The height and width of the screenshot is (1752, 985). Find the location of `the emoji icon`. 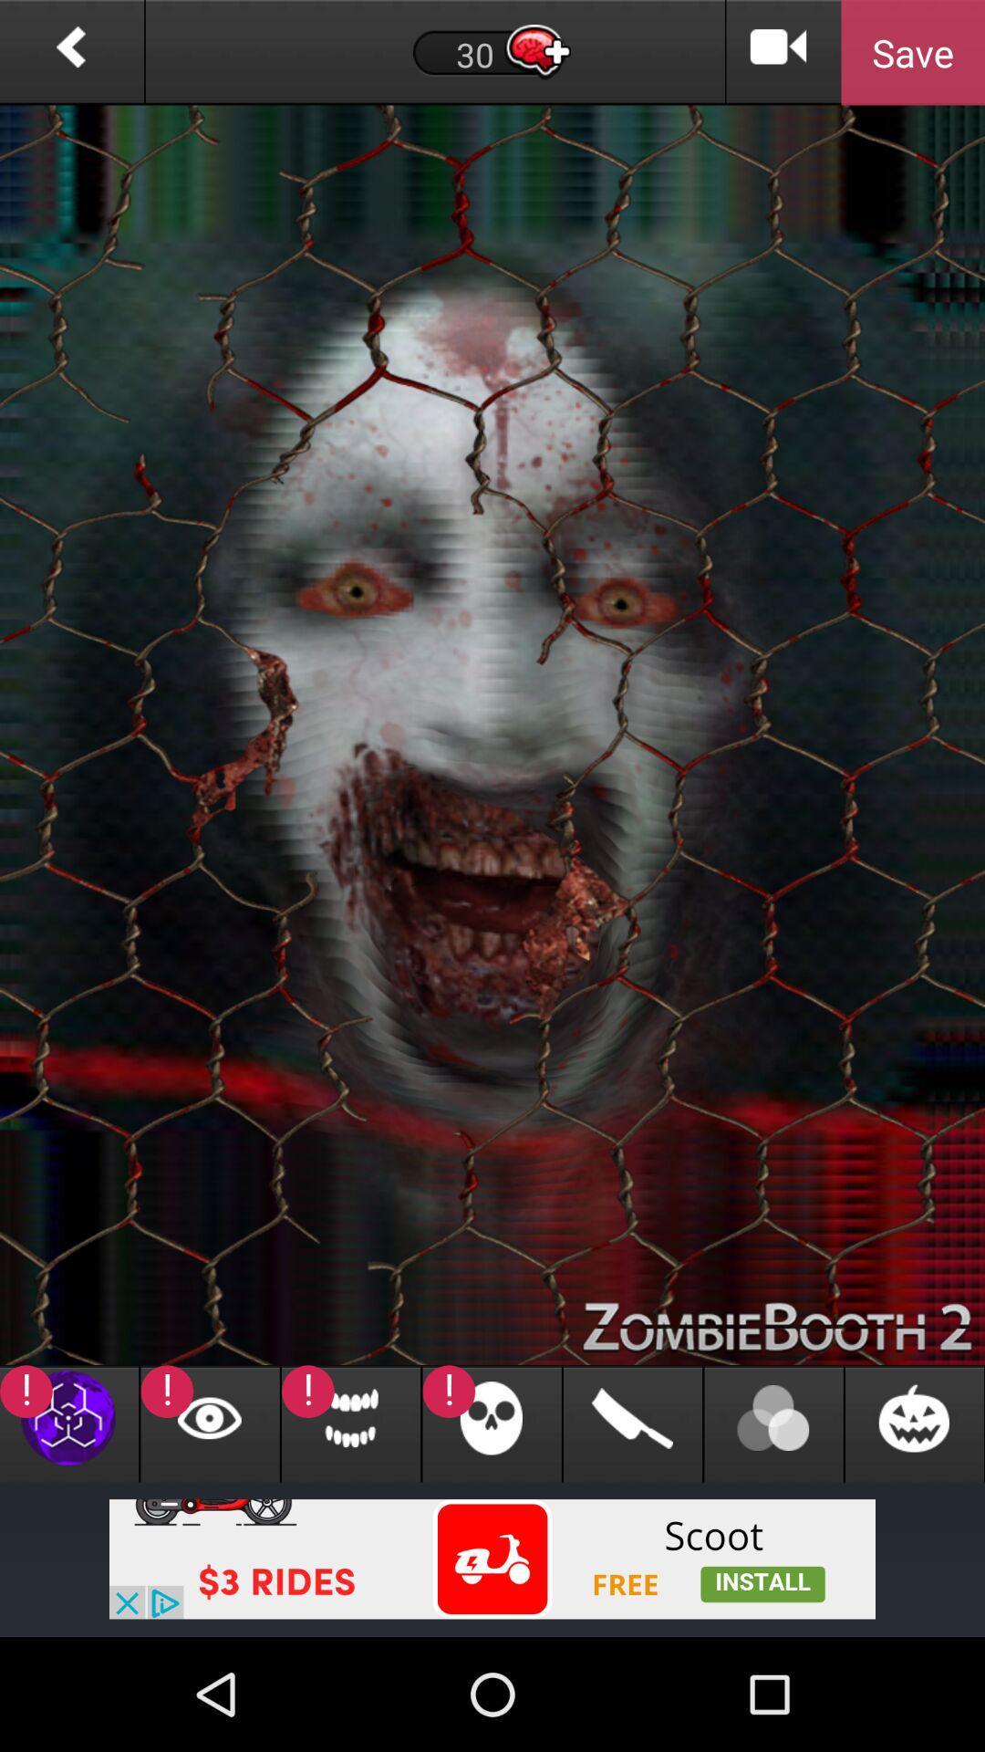

the emoji icon is located at coordinates (915, 1524).